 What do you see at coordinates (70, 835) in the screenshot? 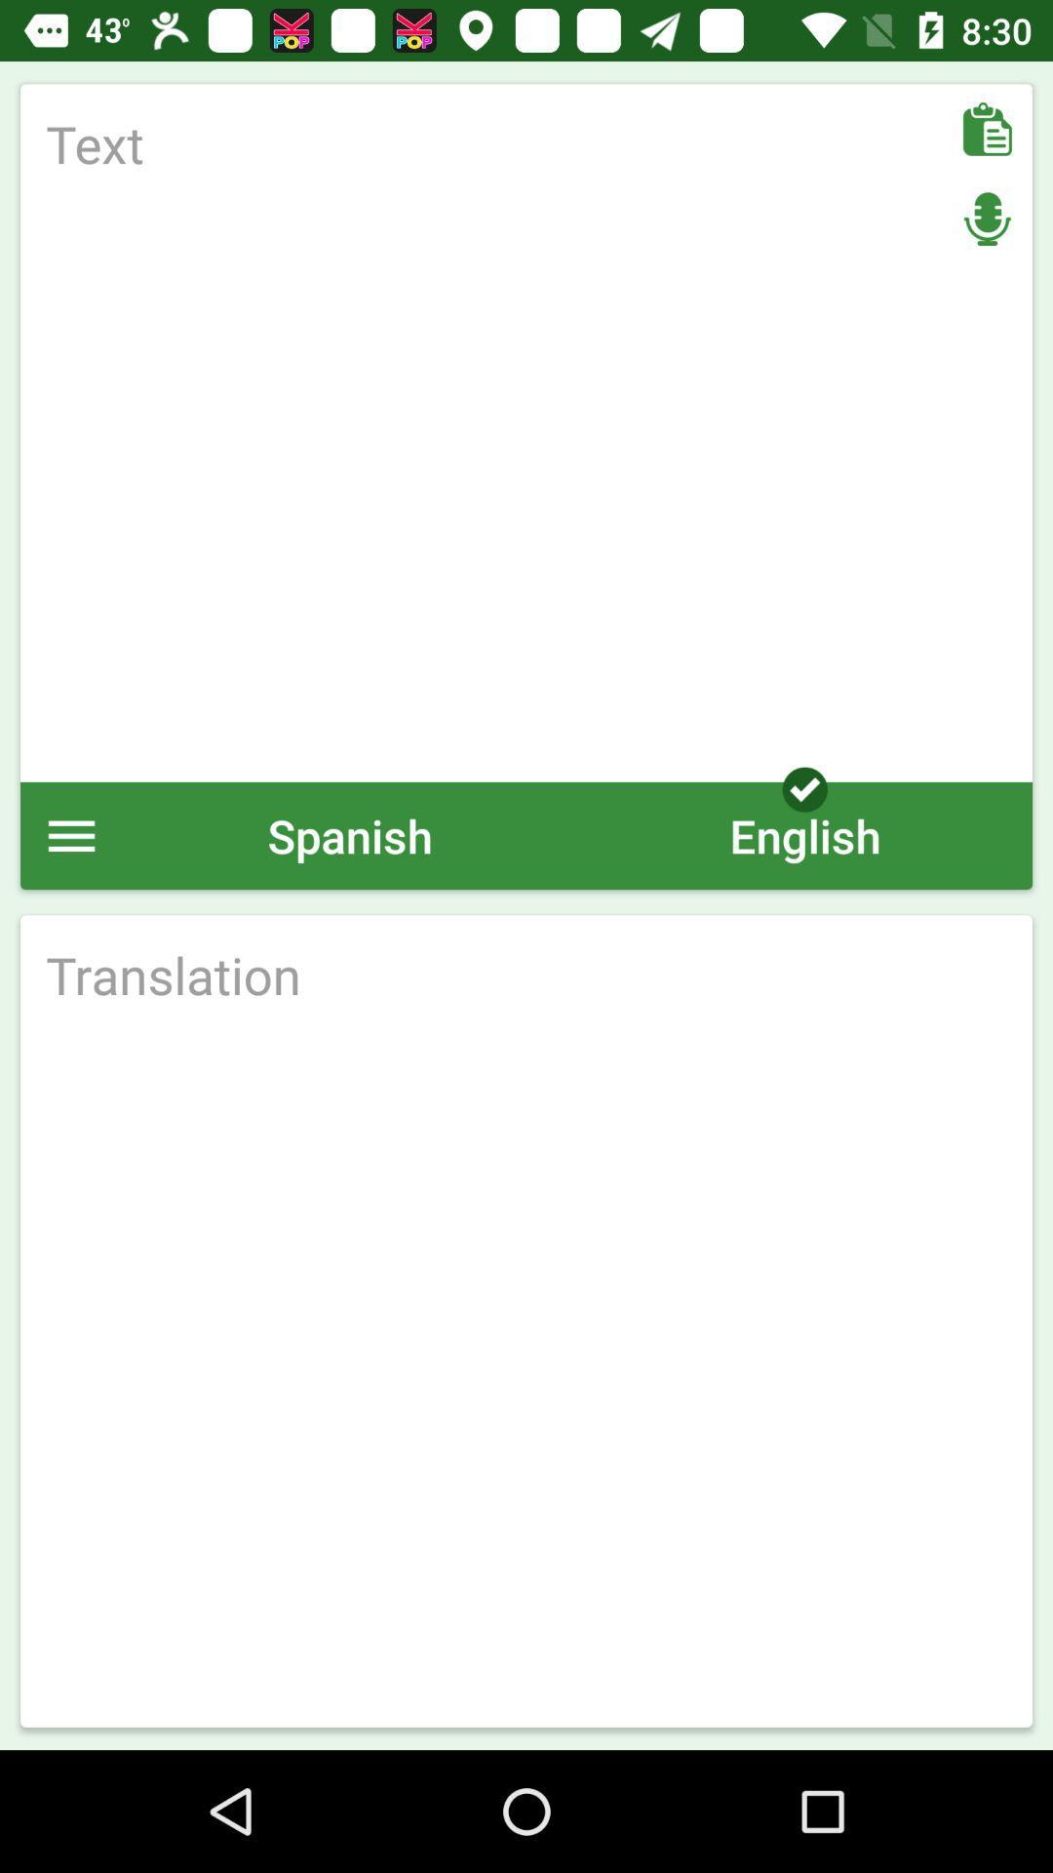
I see `menu` at bounding box center [70, 835].